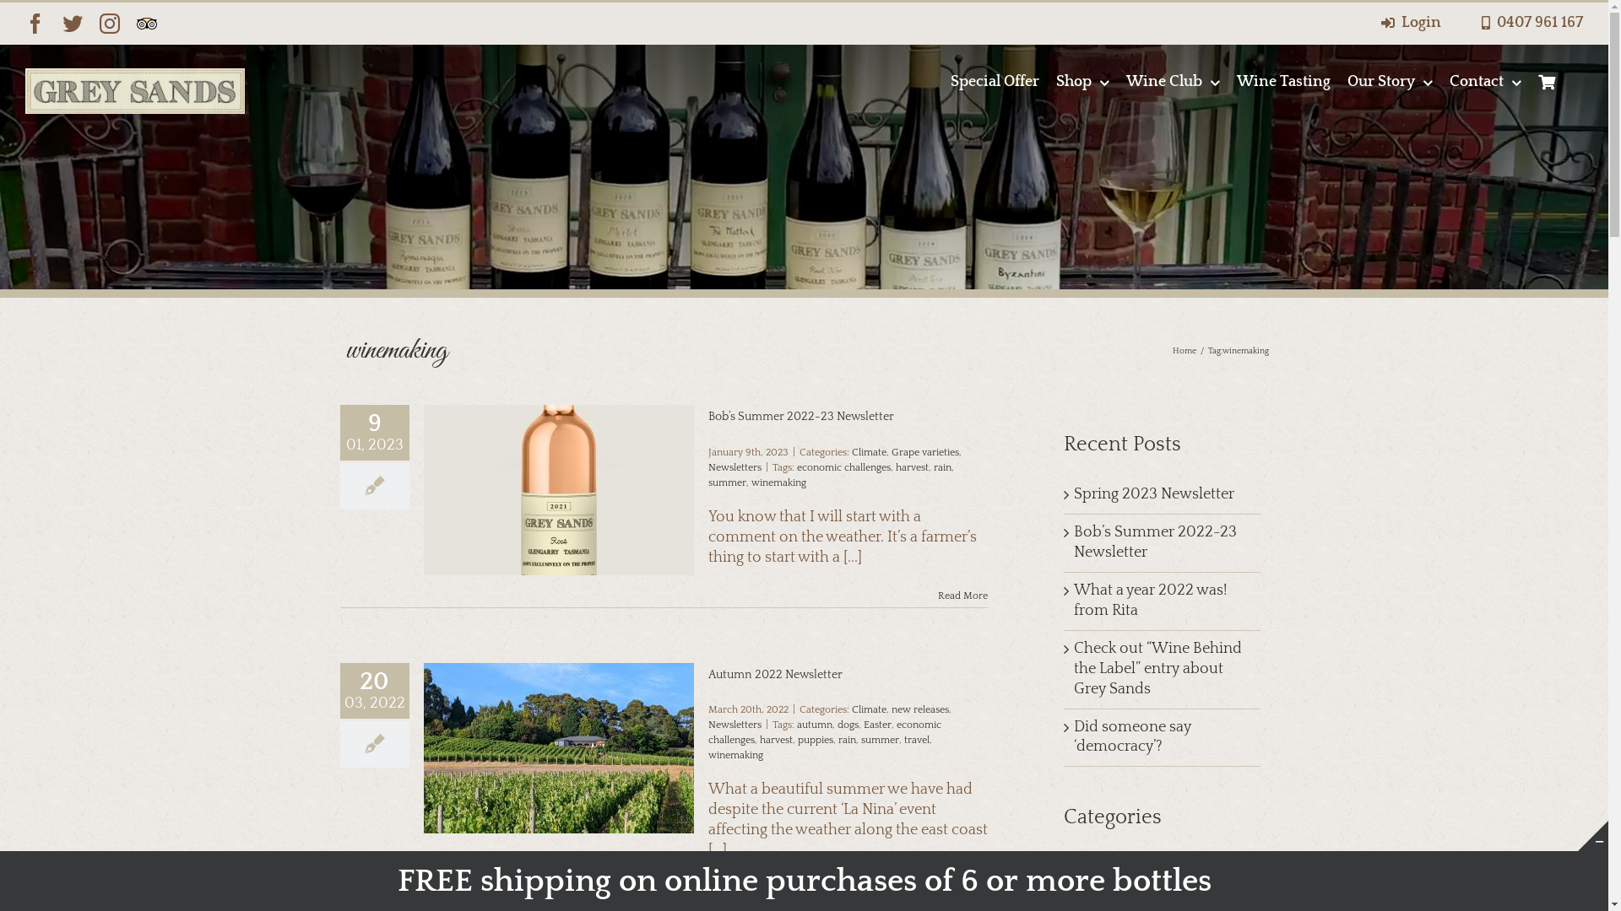  What do you see at coordinates (1082, 91) in the screenshot?
I see `'Shop'` at bounding box center [1082, 91].